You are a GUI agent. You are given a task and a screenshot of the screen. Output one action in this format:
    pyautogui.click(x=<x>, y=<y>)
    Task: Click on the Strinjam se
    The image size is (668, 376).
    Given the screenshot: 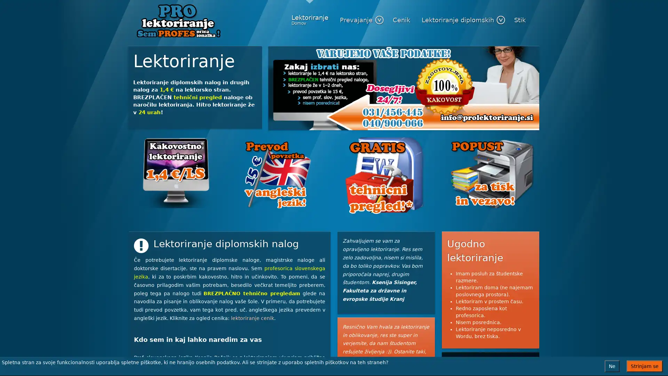 What is the action you would take?
    pyautogui.click(x=644, y=366)
    